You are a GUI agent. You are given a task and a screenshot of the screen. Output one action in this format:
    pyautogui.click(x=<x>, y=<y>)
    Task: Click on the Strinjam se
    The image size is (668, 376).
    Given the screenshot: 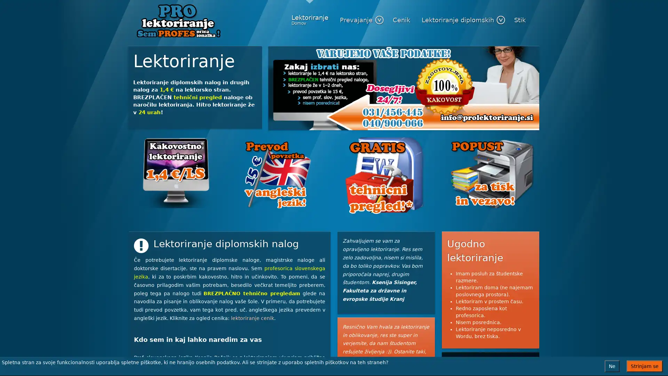 What is the action you would take?
    pyautogui.click(x=644, y=366)
    